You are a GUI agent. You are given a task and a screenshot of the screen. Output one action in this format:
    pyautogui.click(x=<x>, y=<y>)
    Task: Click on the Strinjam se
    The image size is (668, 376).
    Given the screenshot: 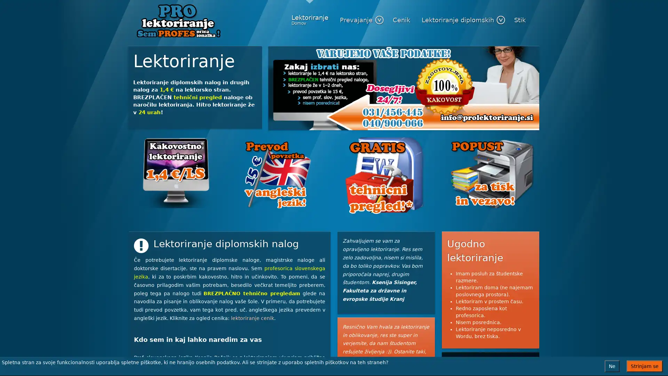 What is the action you would take?
    pyautogui.click(x=644, y=366)
    